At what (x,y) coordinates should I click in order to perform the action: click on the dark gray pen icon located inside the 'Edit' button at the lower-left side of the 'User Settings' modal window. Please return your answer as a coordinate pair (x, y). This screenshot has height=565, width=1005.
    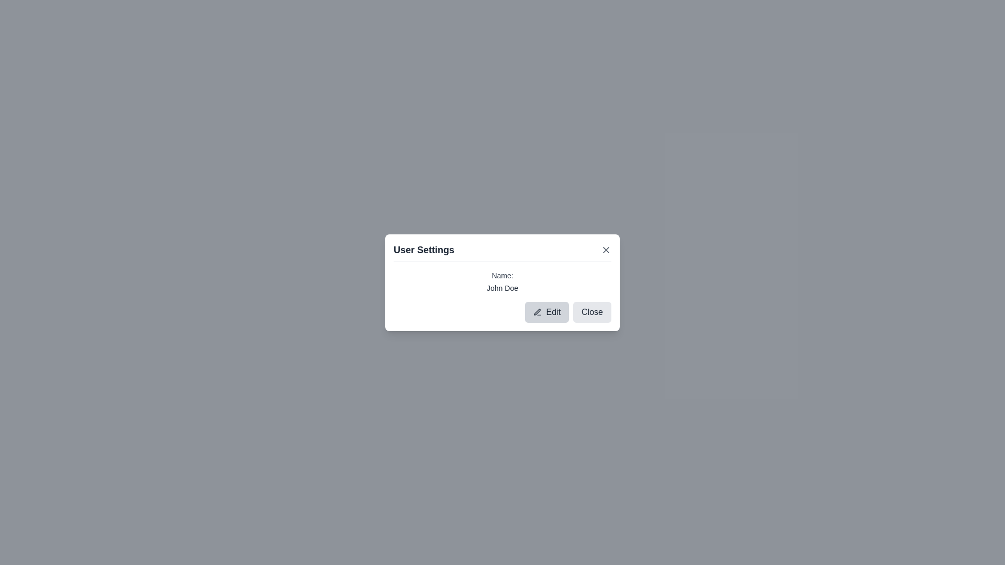
    Looking at the image, I should click on (538, 312).